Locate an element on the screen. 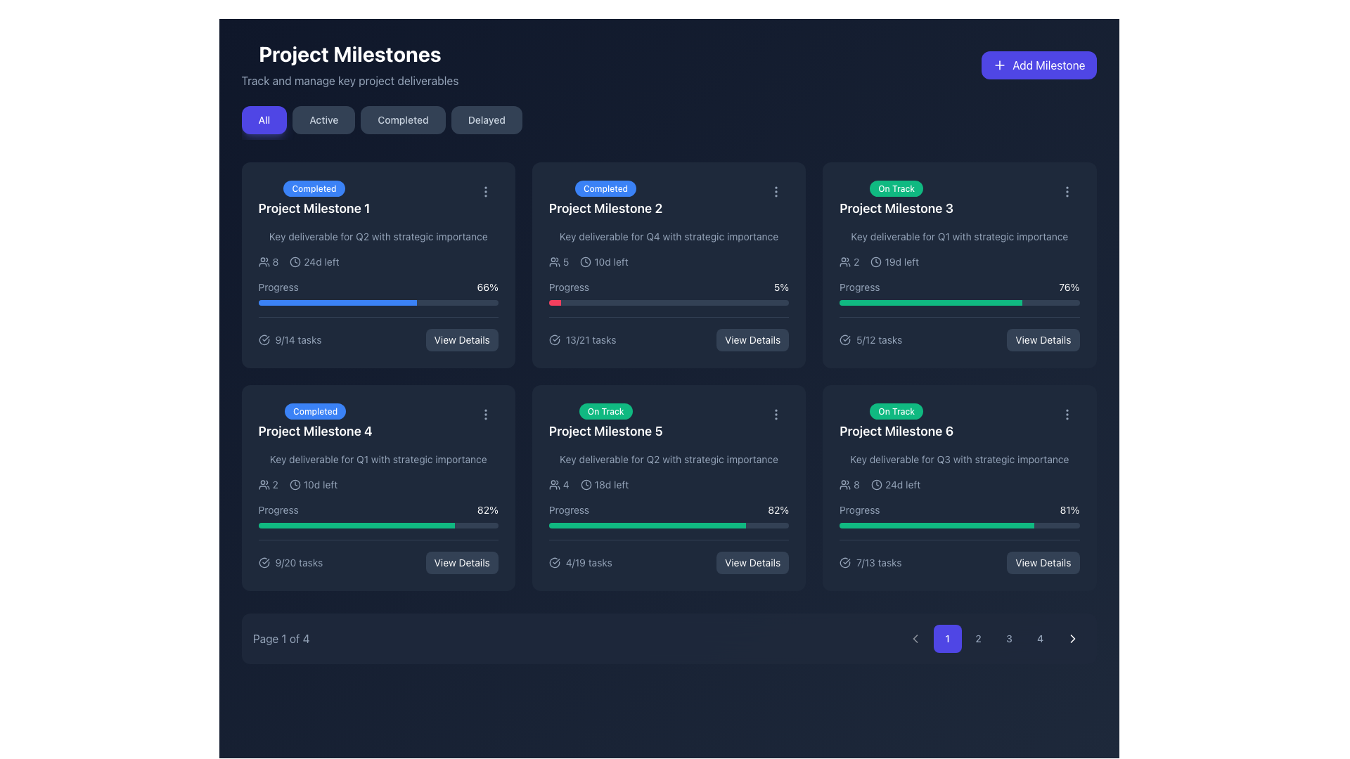 The width and height of the screenshot is (1350, 759). the descriptive text element that provides details about the key deliverable for 'Project Milestone 3', located below the title and 'On Track' label, and above the progress bar and 'View Details' button is located at coordinates (958, 235).